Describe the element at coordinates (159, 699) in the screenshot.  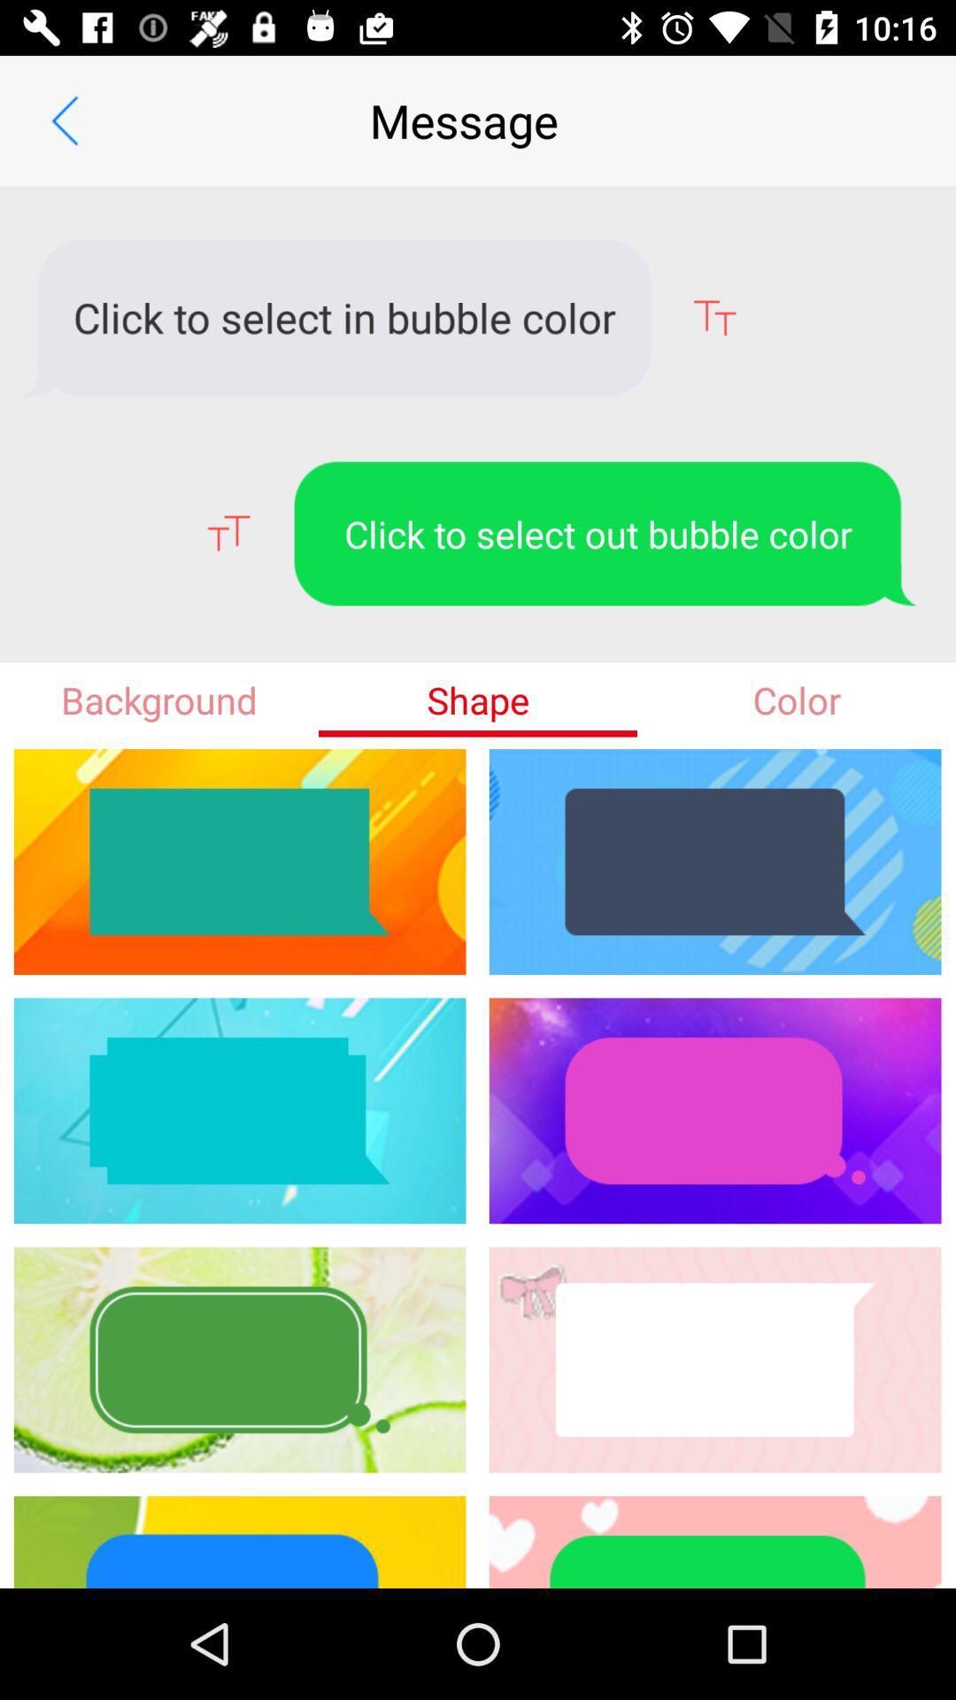
I see `the icon next to the shape` at that location.